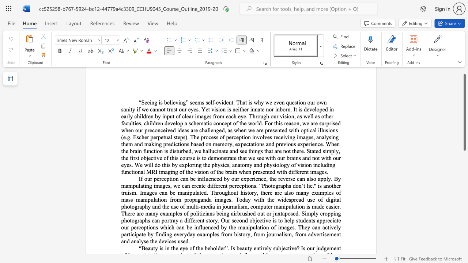 This screenshot has width=468, height=263. What do you see at coordinates (464, 112) in the screenshot?
I see `the scrollbar and move up 10 pixels` at bounding box center [464, 112].